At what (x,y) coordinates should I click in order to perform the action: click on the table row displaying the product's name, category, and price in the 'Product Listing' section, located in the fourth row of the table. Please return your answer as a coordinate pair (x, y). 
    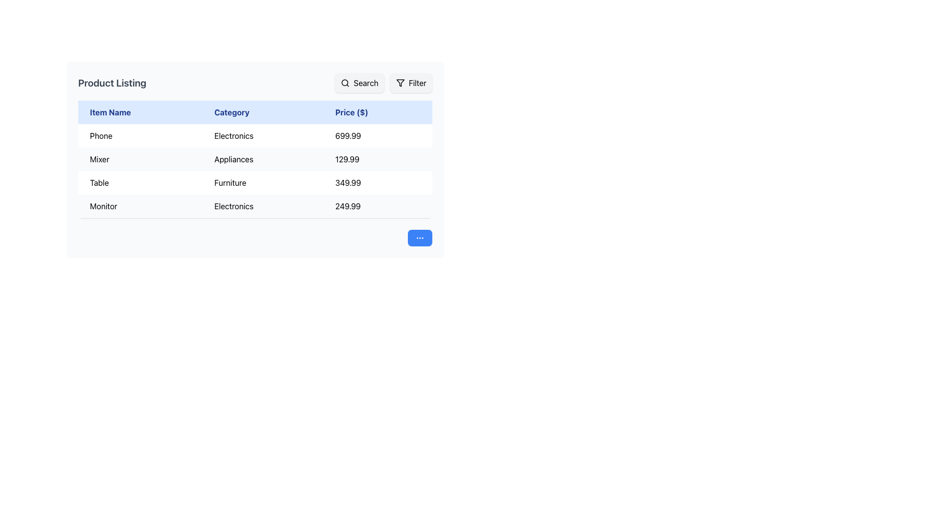
    Looking at the image, I should click on (255, 205).